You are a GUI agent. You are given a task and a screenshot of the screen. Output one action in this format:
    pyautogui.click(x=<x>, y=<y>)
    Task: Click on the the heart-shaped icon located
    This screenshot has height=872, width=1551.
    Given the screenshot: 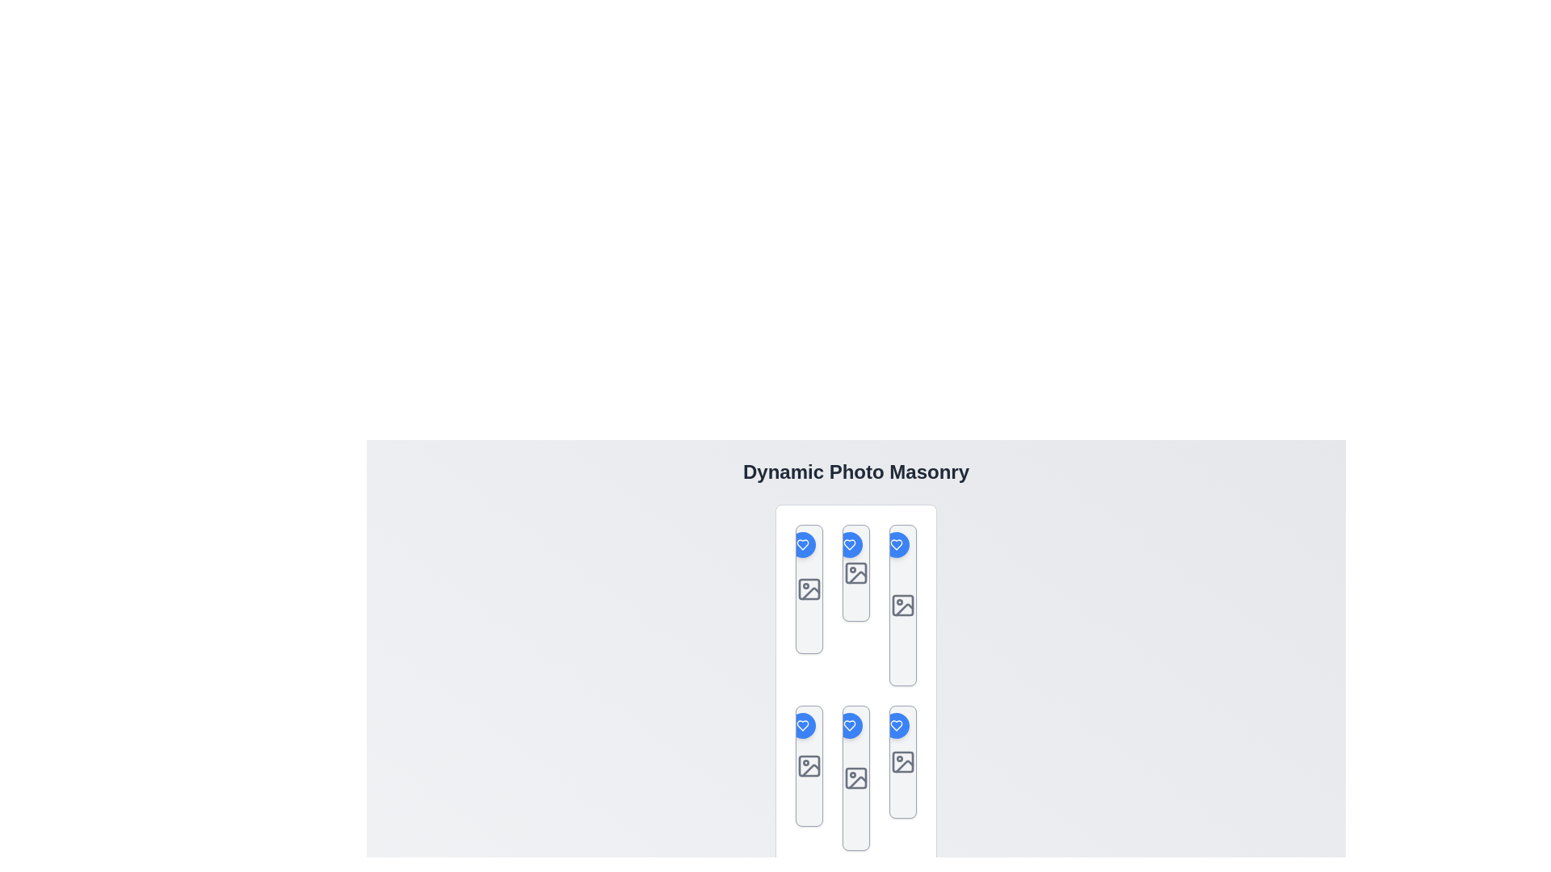 What is the action you would take?
    pyautogui.click(x=895, y=545)
    